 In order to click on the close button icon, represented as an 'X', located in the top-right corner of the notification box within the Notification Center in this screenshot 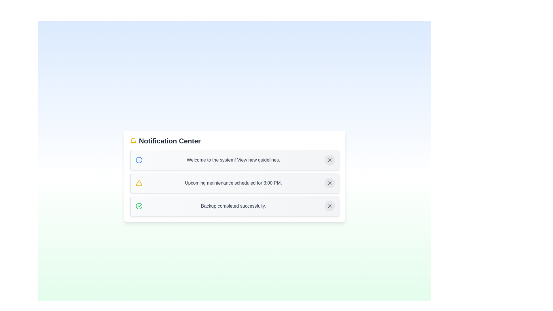, I will do `click(329, 160)`.